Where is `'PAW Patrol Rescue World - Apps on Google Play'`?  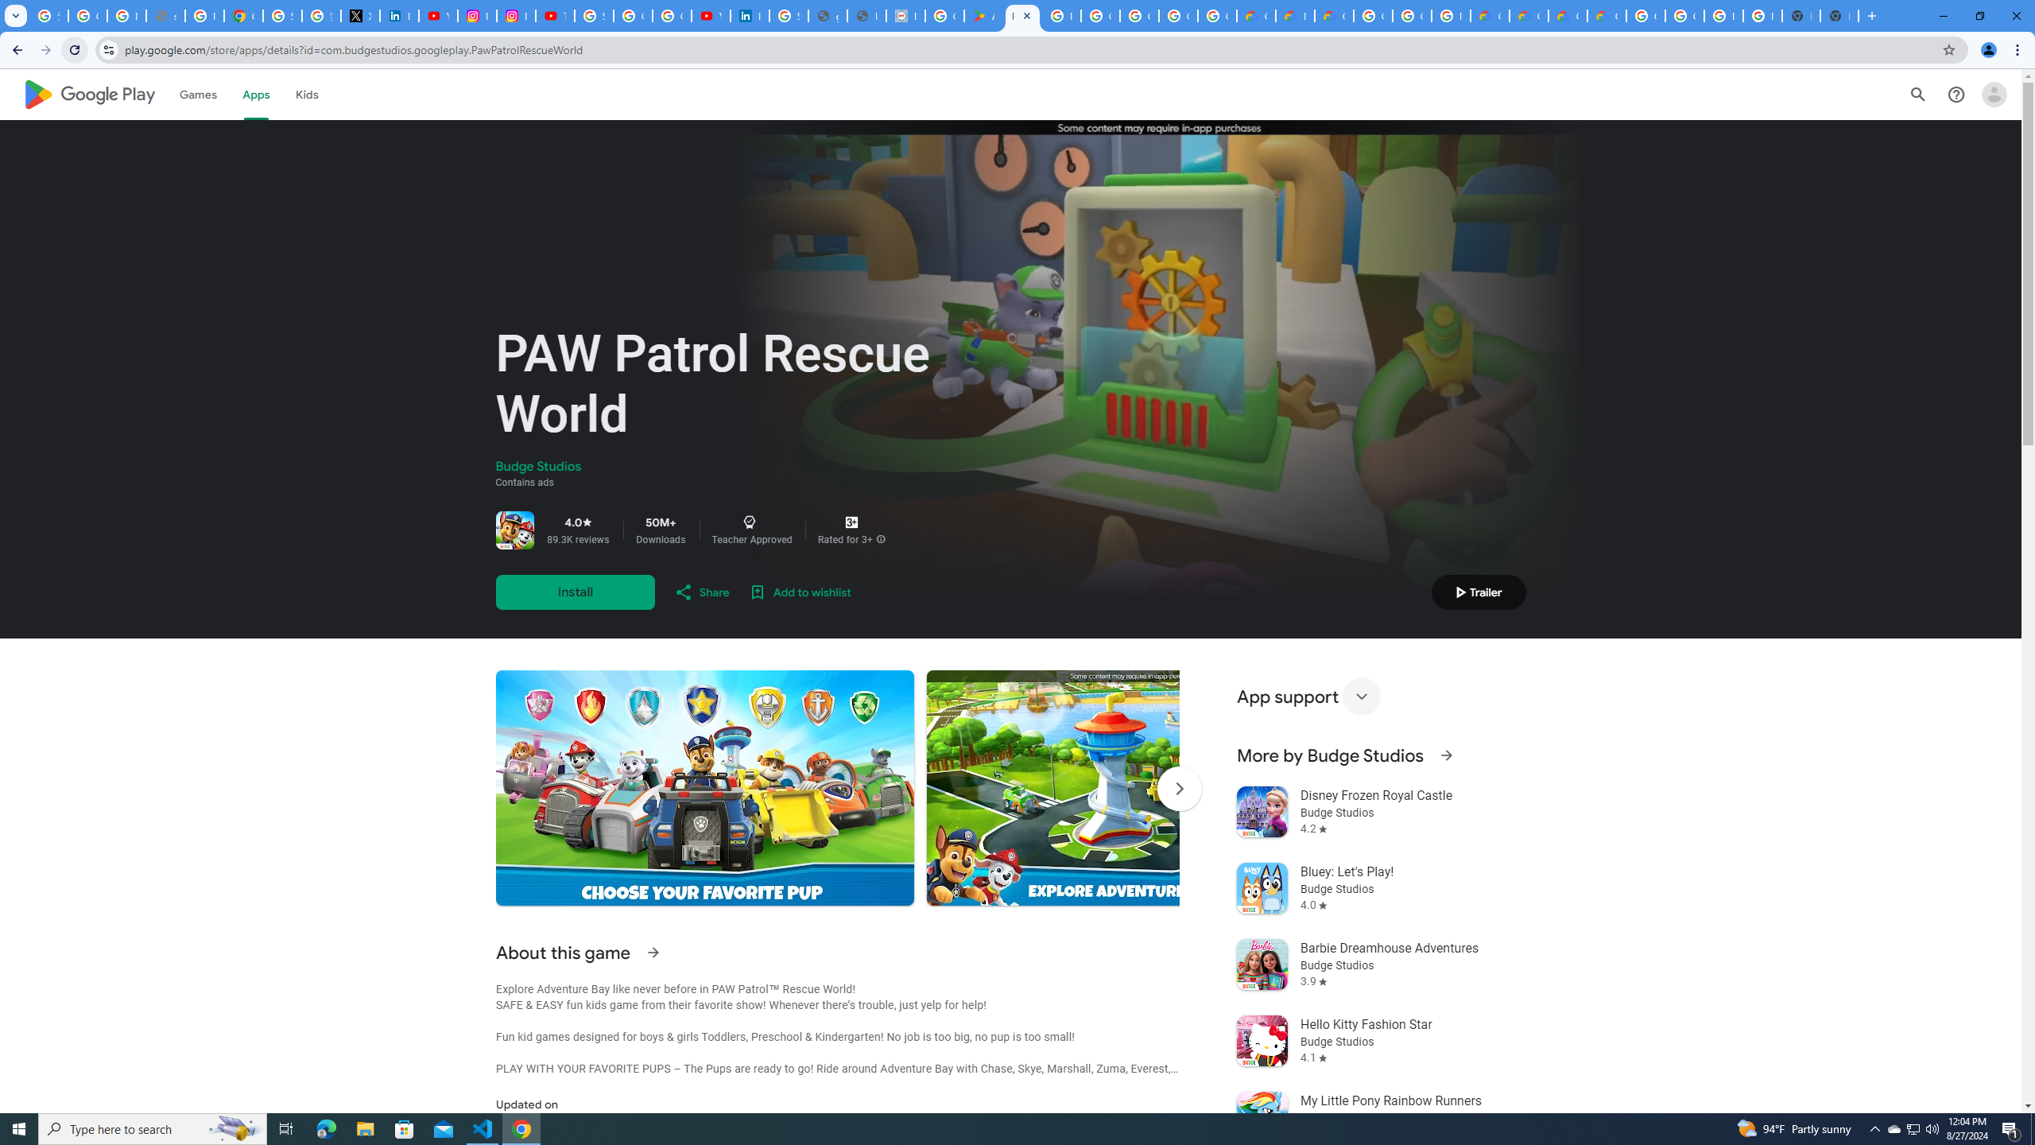
'PAW Patrol Rescue World - Apps on Google Play' is located at coordinates (1021, 15).